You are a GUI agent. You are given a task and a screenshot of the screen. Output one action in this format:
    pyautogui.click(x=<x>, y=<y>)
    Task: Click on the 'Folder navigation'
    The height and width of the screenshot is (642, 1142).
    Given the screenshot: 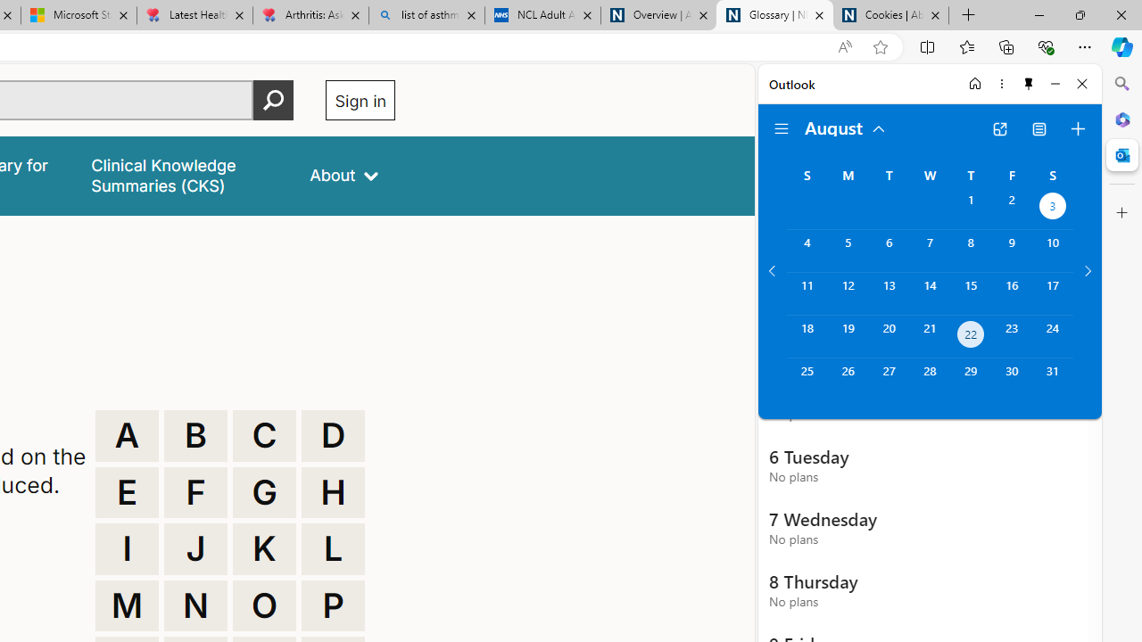 What is the action you would take?
    pyautogui.click(x=782, y=128)
    